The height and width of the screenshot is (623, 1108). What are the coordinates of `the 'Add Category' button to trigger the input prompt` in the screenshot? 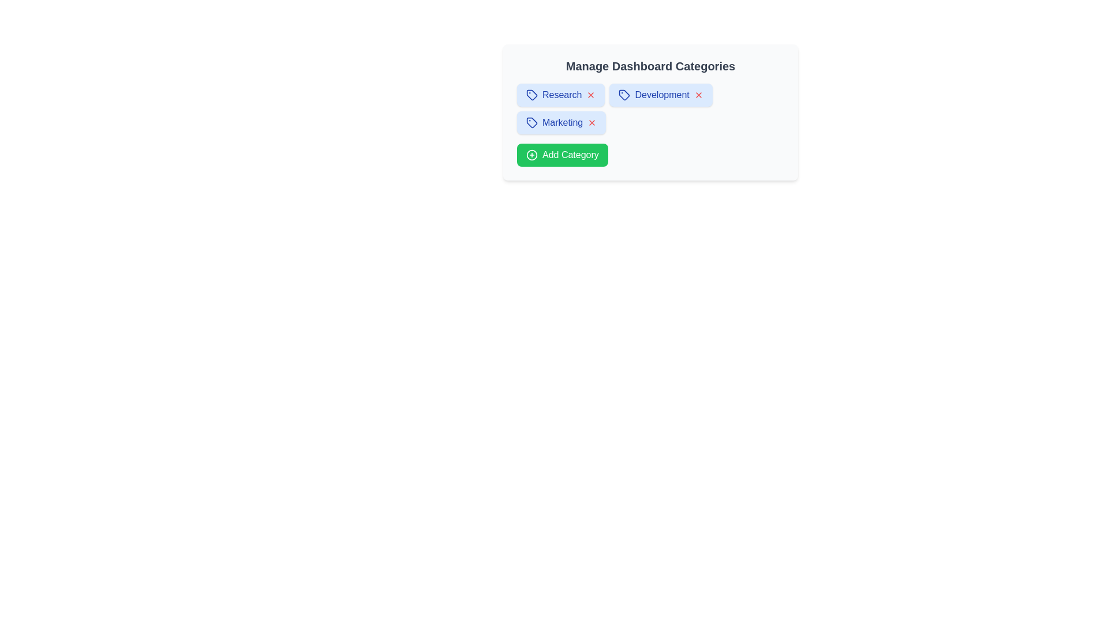 It's located at (562, 155).